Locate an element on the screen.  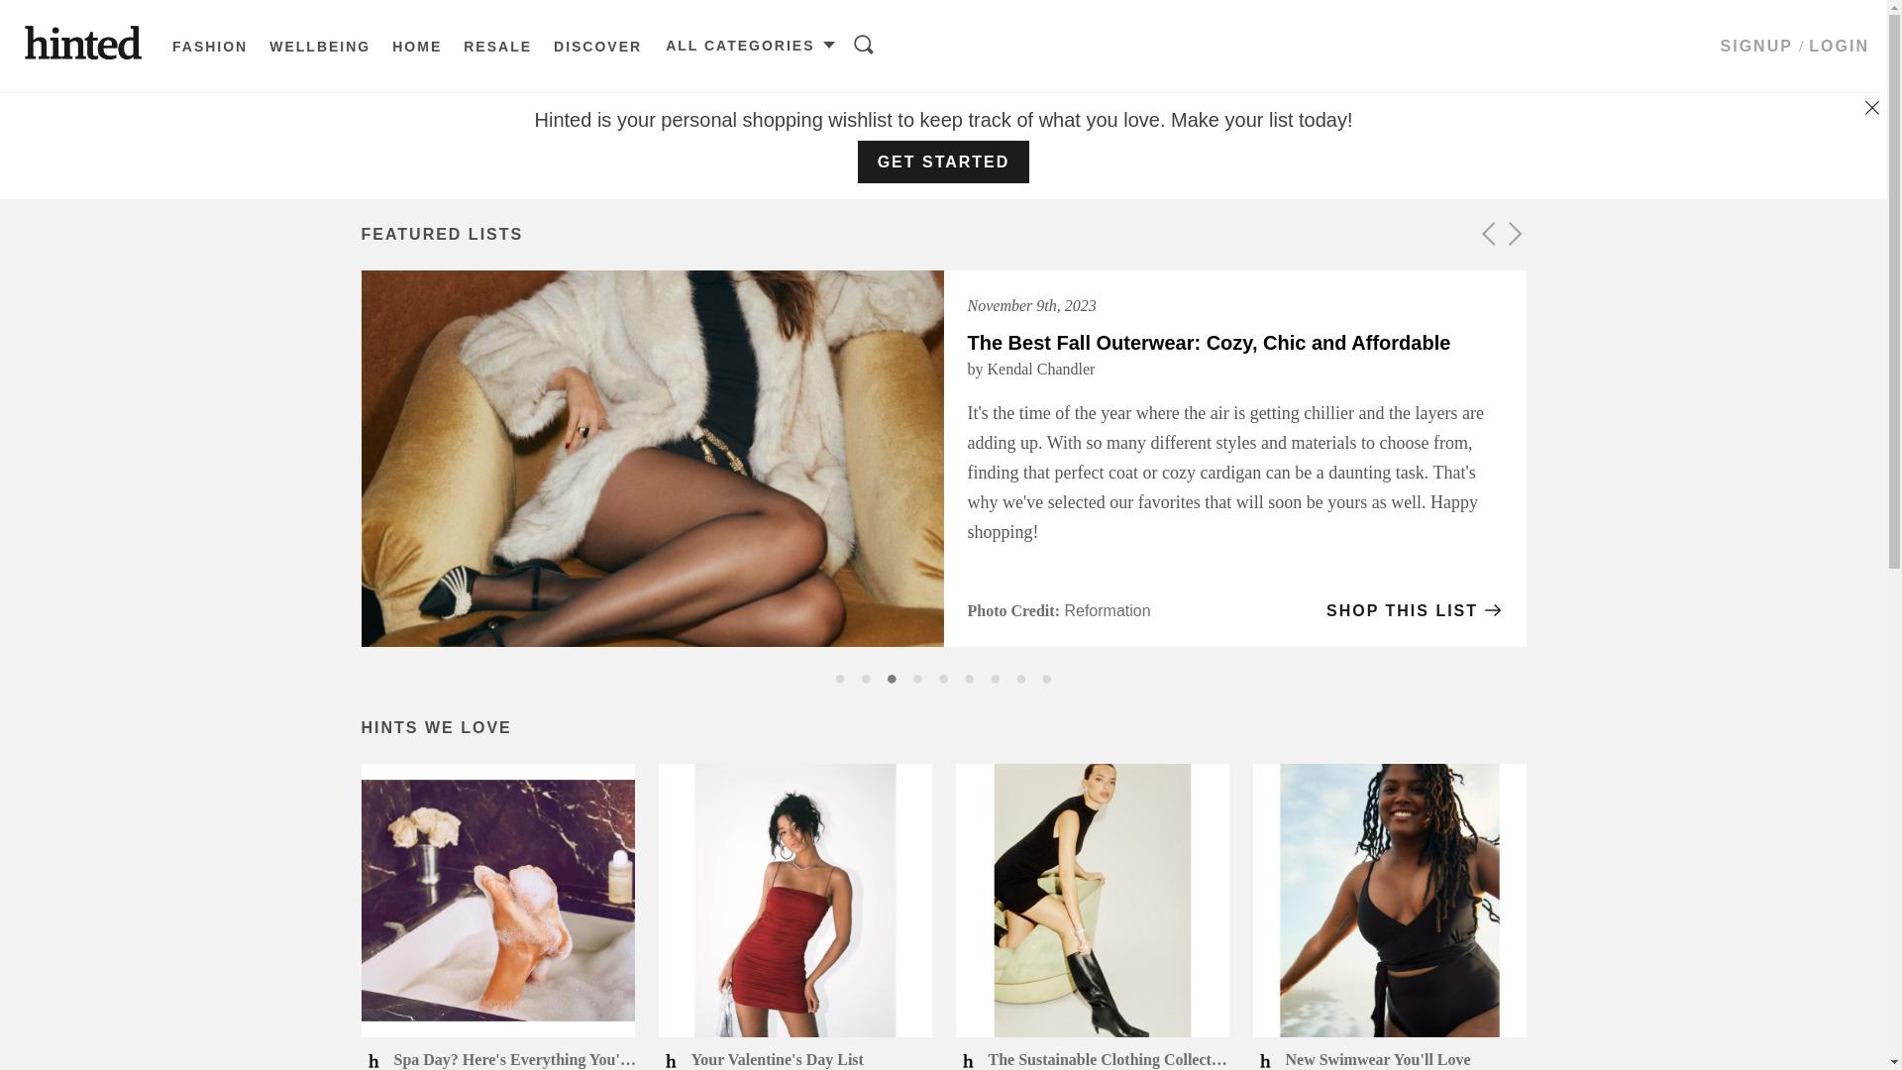
'LOGIN' is located at coordinates (1838, 45).